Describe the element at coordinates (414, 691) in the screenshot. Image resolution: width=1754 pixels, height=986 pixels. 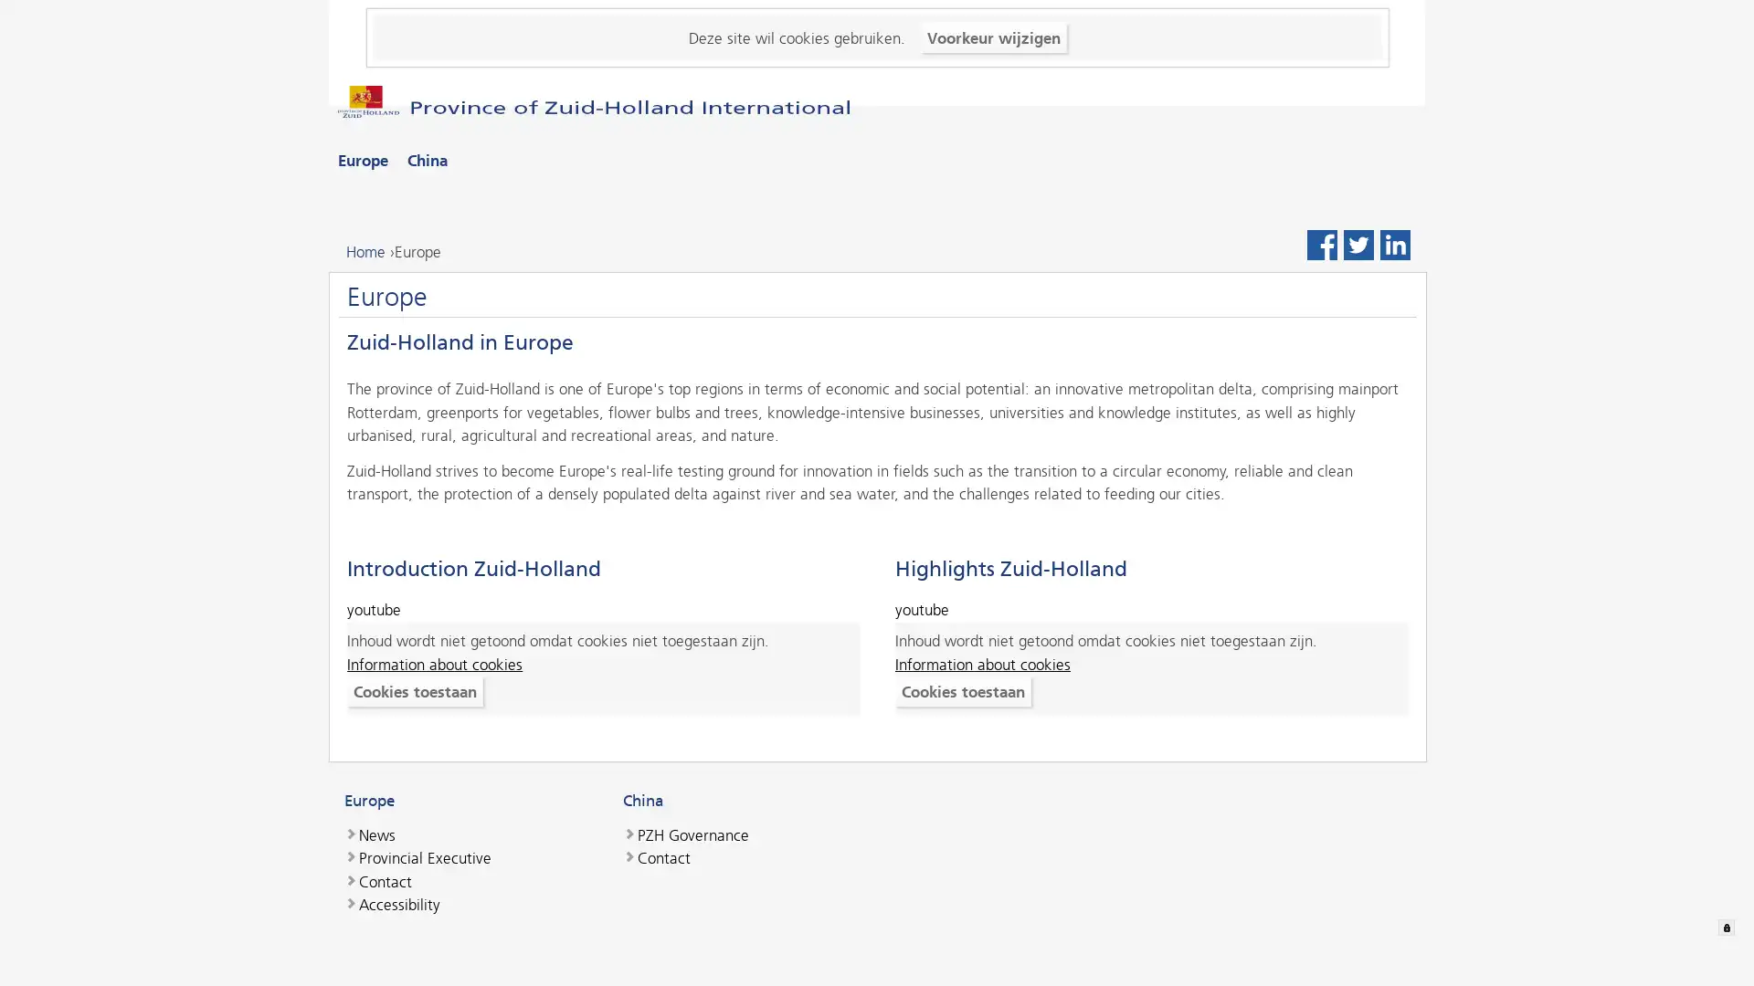
I see `Cookies toestaan` at that location.